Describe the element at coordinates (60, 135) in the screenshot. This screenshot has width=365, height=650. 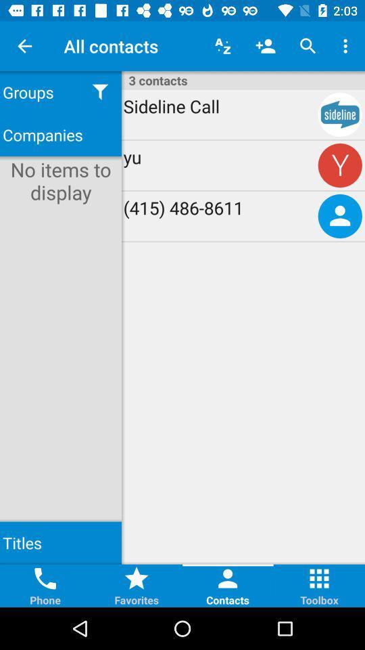
I see `companies icon` at that location.